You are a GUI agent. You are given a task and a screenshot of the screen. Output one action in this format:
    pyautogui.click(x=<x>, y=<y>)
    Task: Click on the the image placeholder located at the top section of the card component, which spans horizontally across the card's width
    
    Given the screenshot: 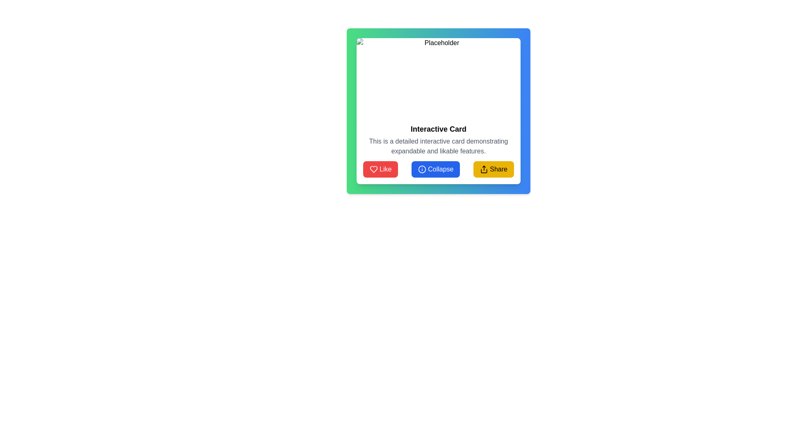 What is the action you would take?
    pyautogui.click(x=438, y=78)
    